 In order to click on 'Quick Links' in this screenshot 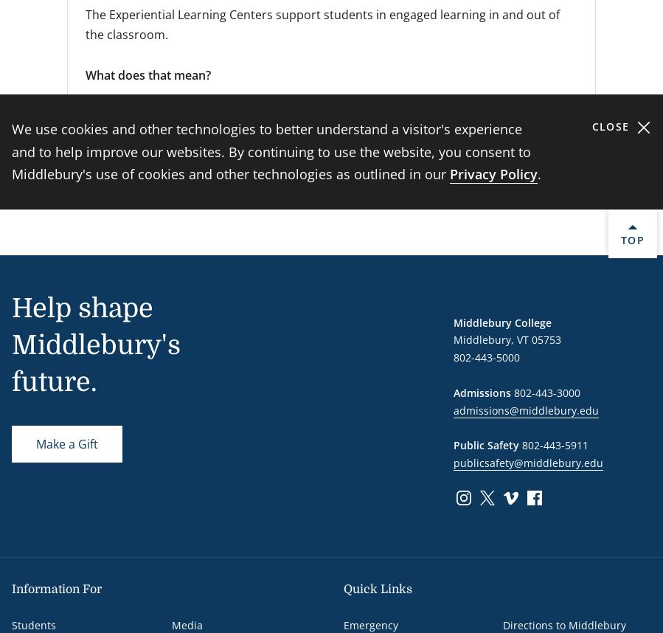, I will do `click(342, 589)`.